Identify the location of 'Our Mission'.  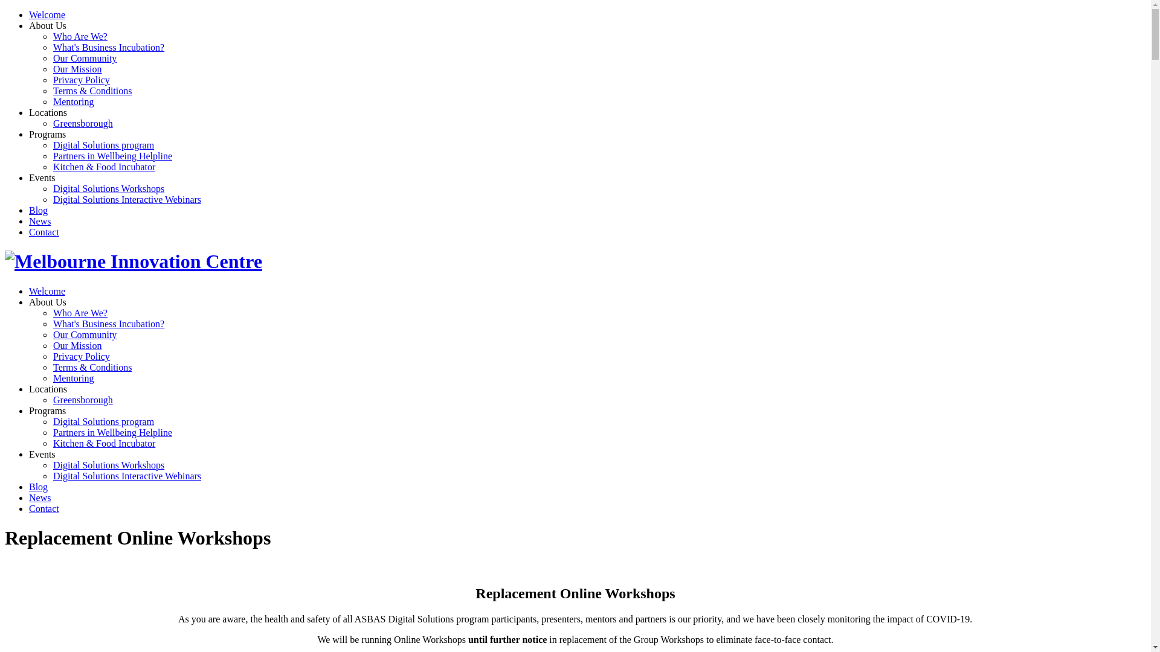
(77, 69).